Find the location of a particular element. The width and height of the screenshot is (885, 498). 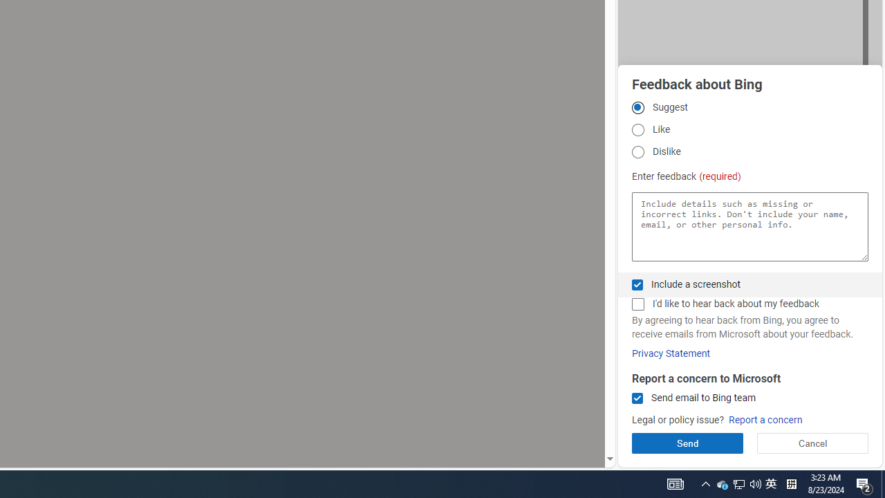

'I' is located at coordinates (637, 304).